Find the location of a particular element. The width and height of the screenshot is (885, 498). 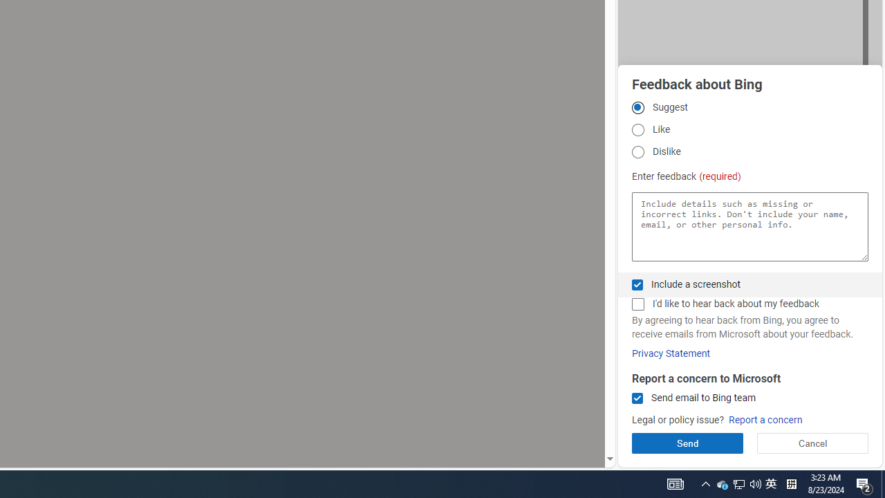

'I' is located at coordinates (637, 304).